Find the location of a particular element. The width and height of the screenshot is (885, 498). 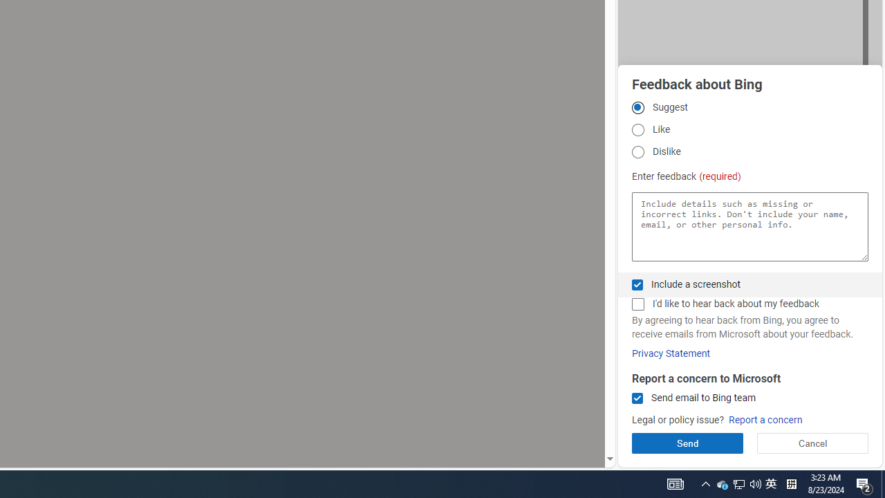

'I' is located at coordinates (637, 304).